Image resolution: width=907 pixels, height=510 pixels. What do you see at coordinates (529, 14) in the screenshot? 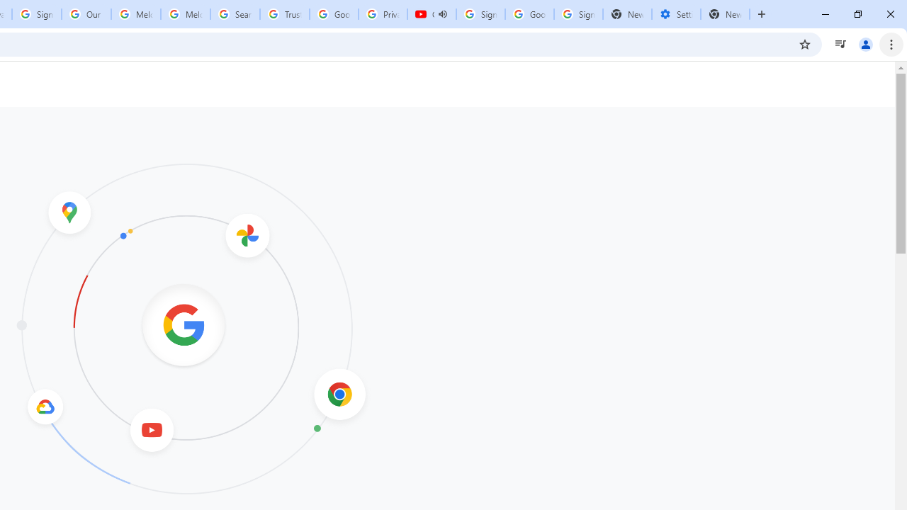
I see `'Google Cybersecurity Innovations - Google Safety Center'` at bounding box center [529, 14].